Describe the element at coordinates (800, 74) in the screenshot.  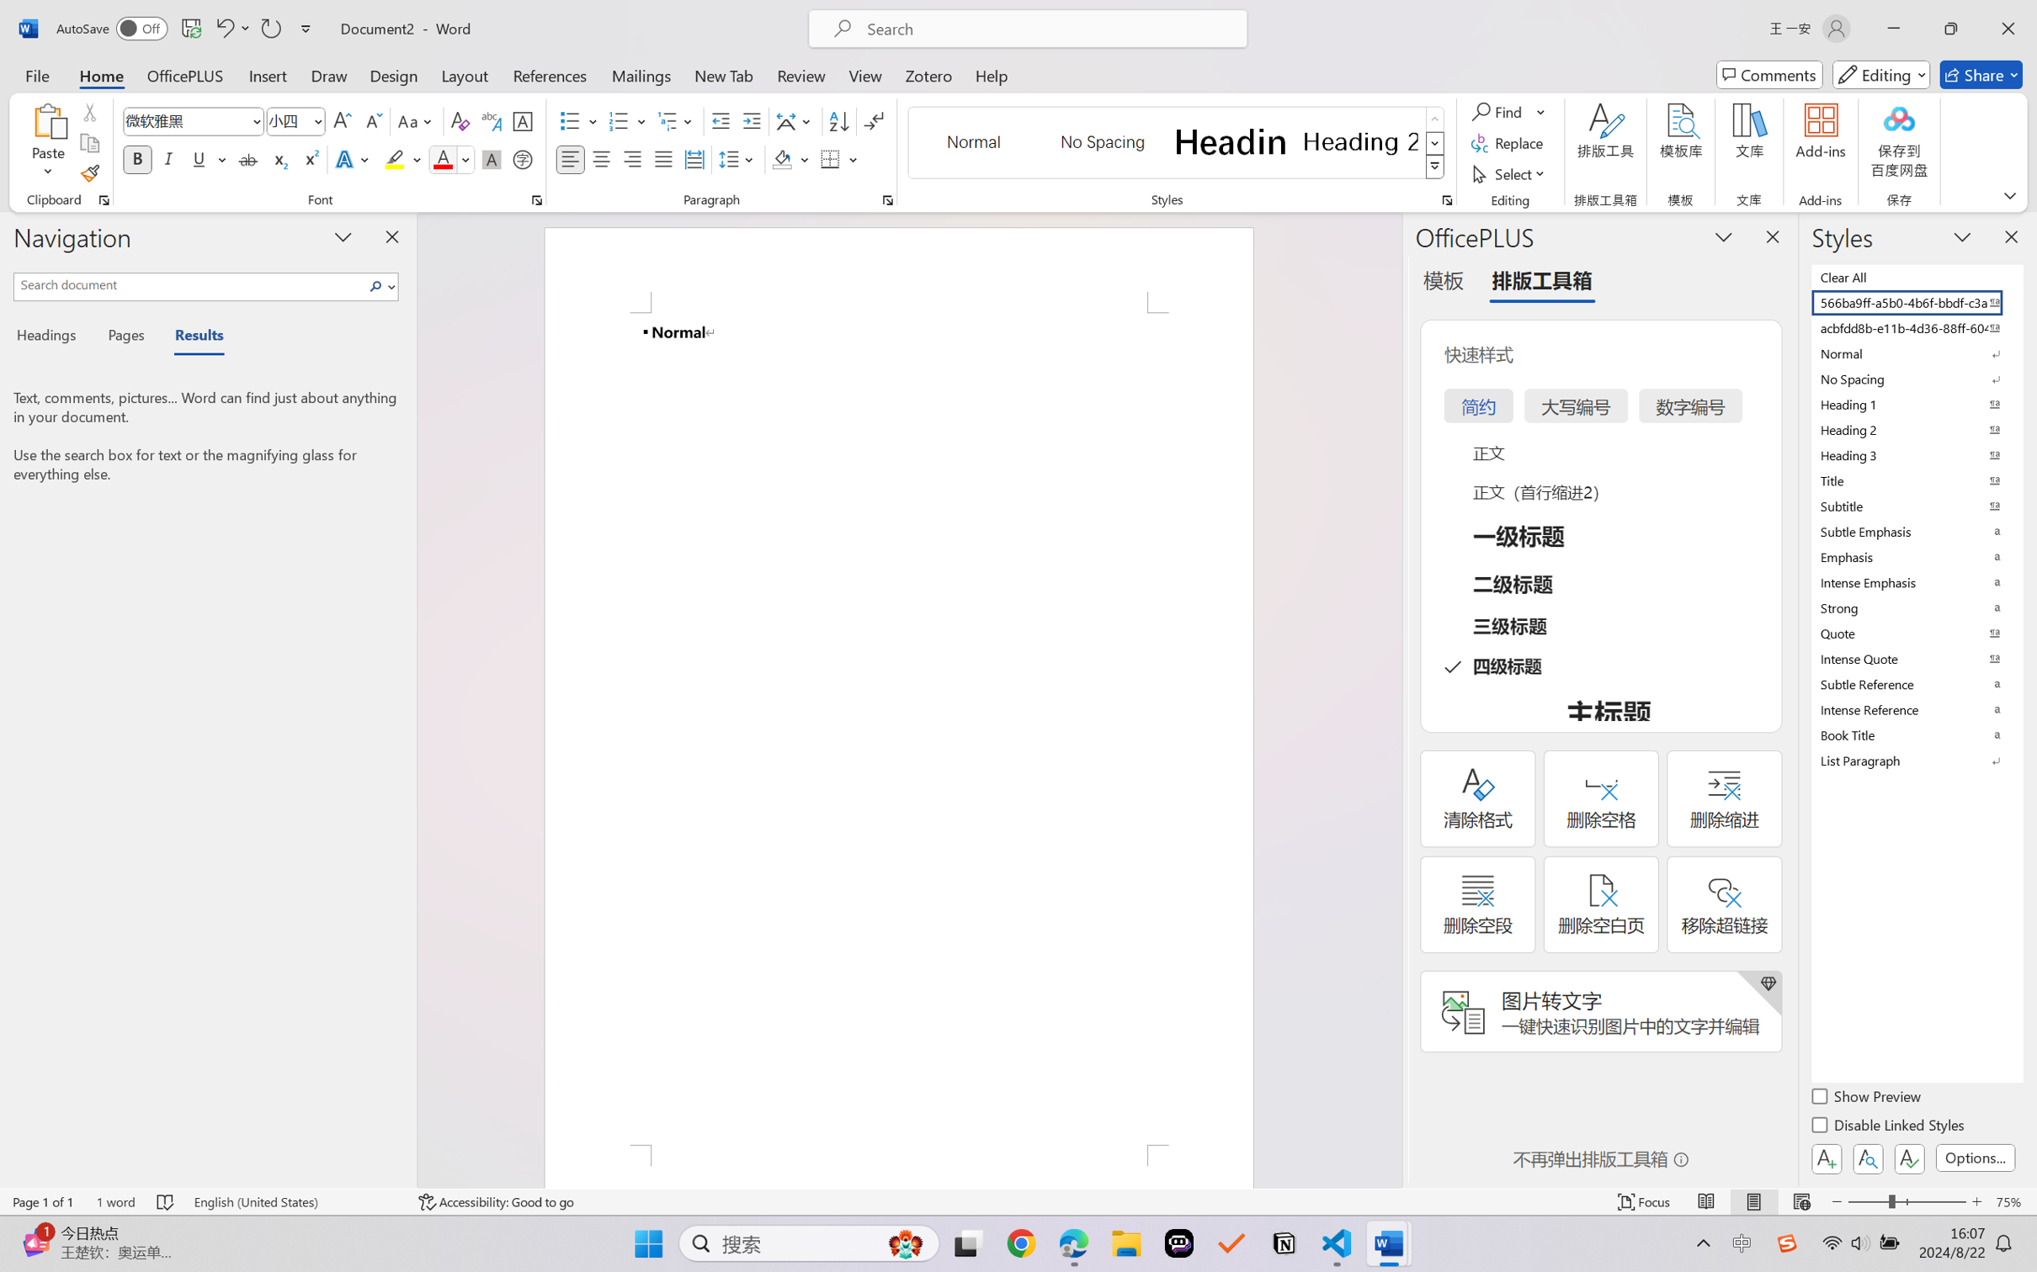
I see `'Review'` at that location.